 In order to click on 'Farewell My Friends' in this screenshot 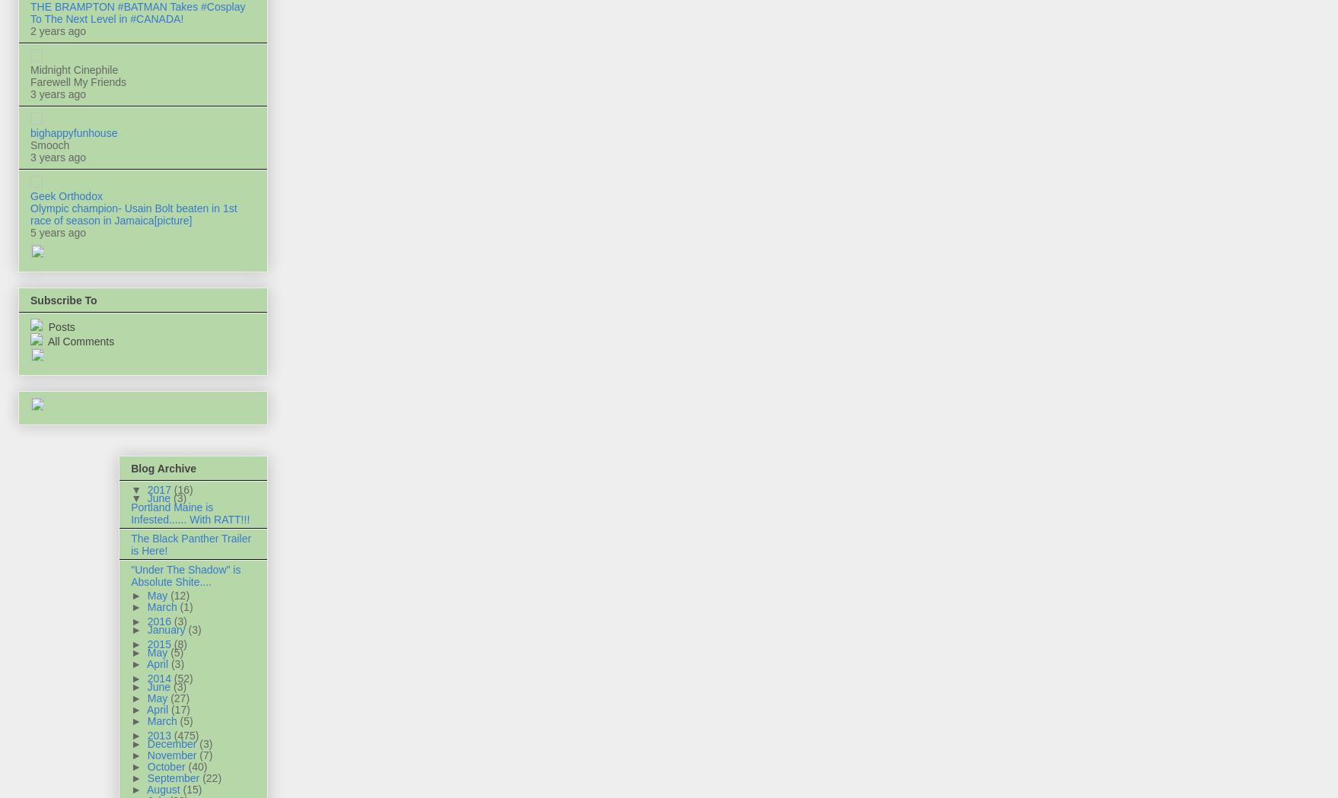, I will do `click(78, 80)`.